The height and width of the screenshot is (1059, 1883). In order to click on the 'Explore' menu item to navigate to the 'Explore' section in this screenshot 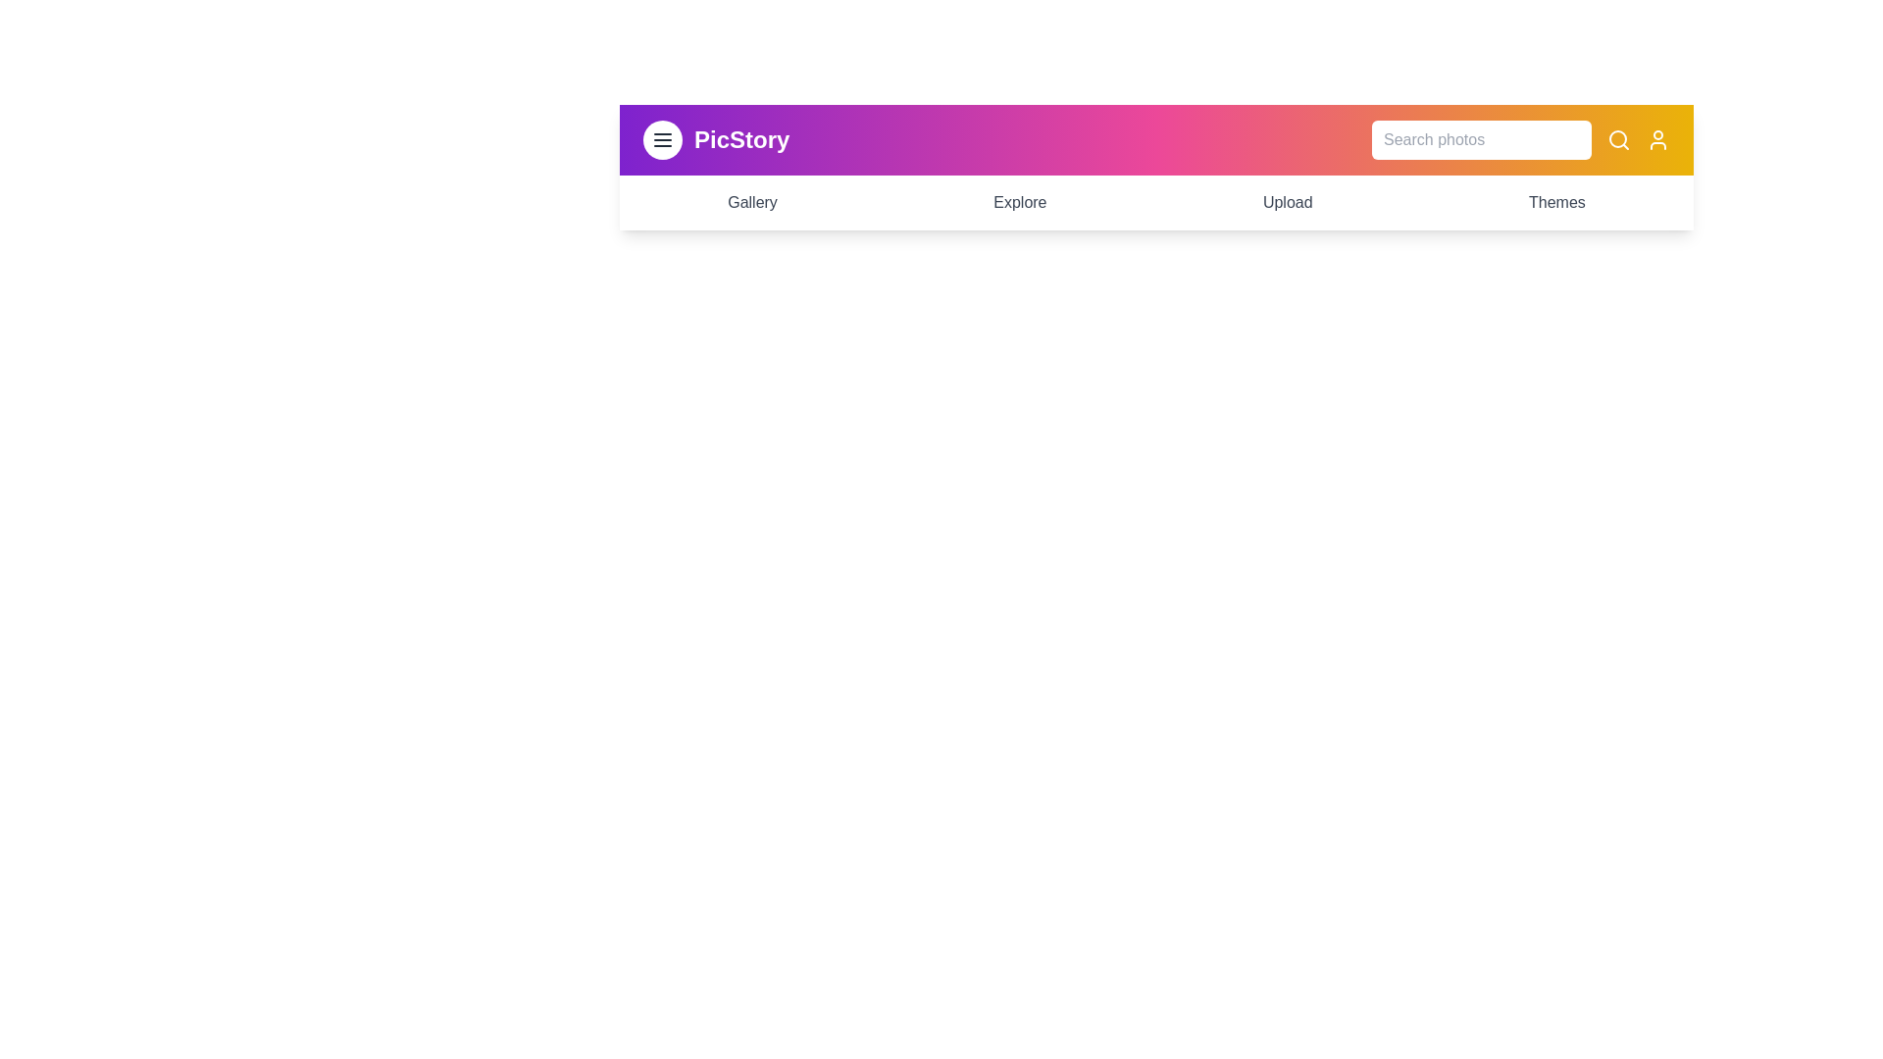, I will do `click(1020, 203)`.